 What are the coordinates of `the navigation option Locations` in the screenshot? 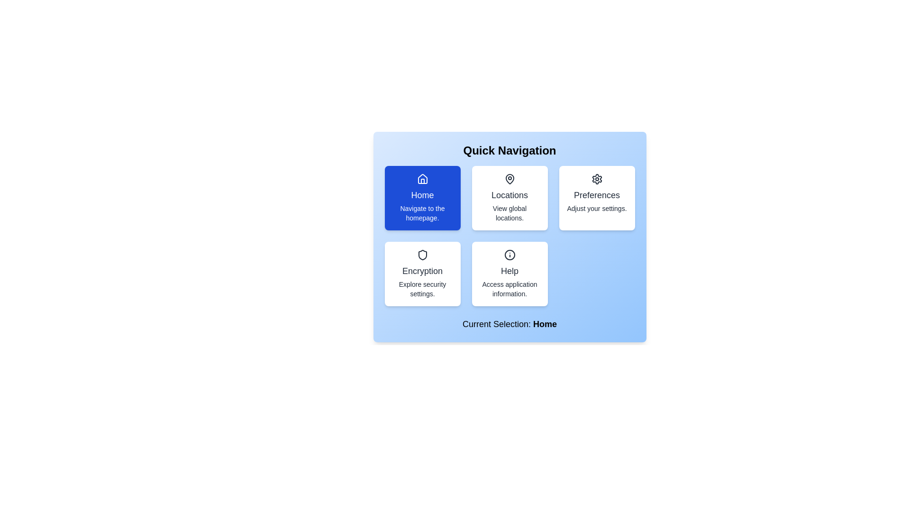 It's located at (509, 197).